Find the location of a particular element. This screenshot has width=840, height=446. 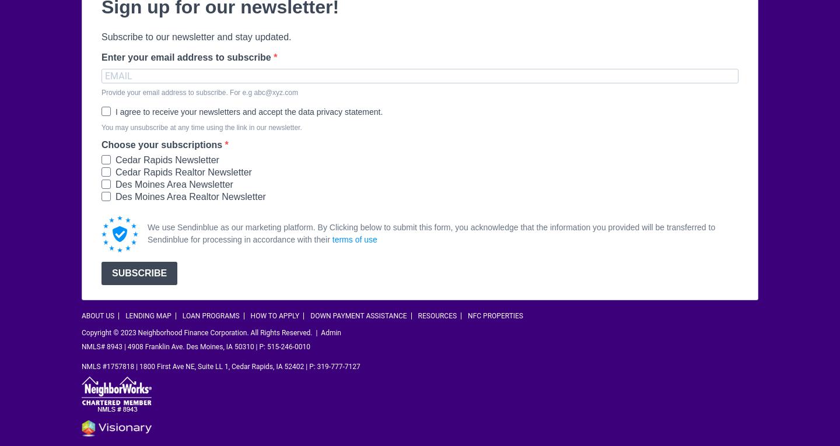

'terms of use' is located at coordinates (331, 240).